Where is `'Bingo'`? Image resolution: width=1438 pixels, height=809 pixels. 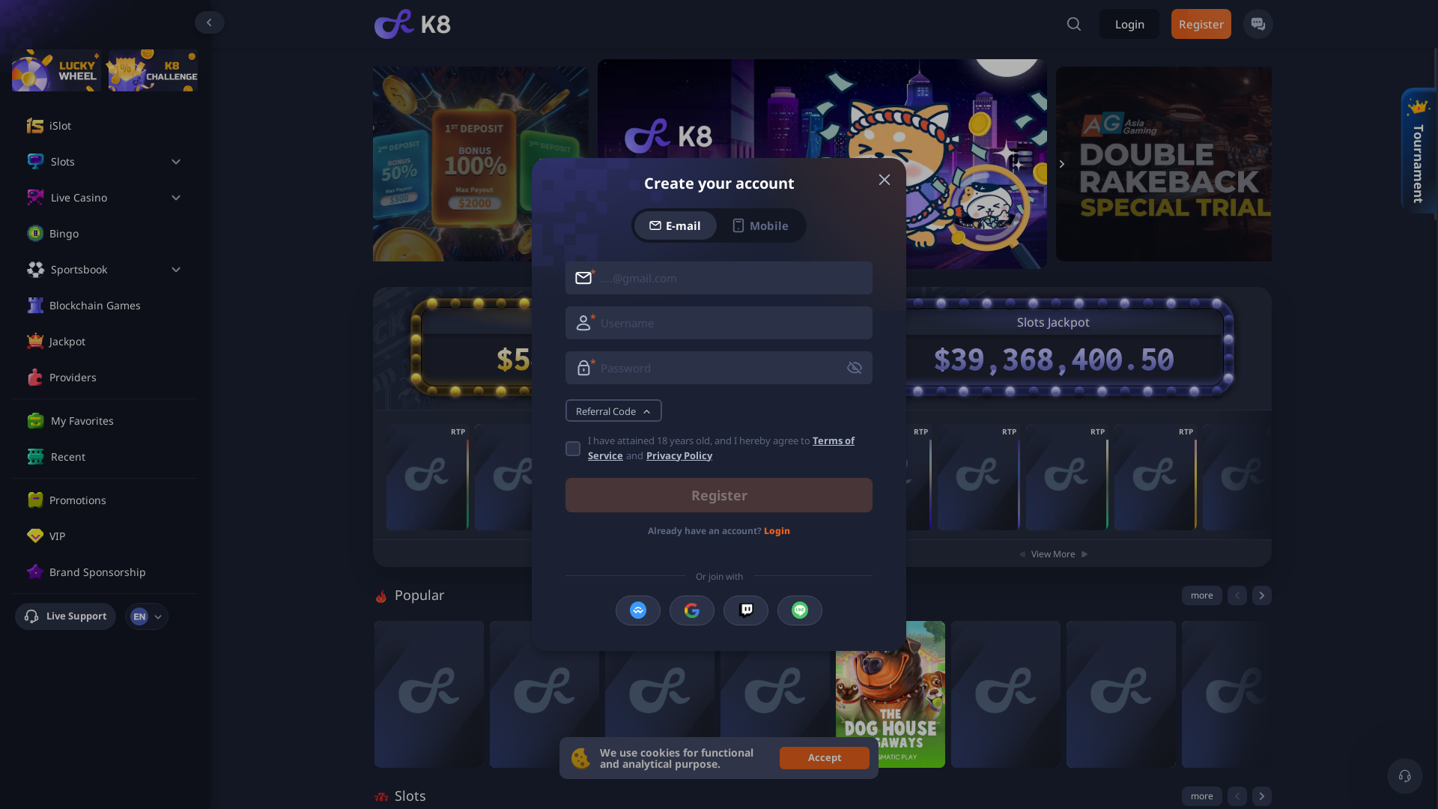 'Bingo' is located at coordinates (115, 234).